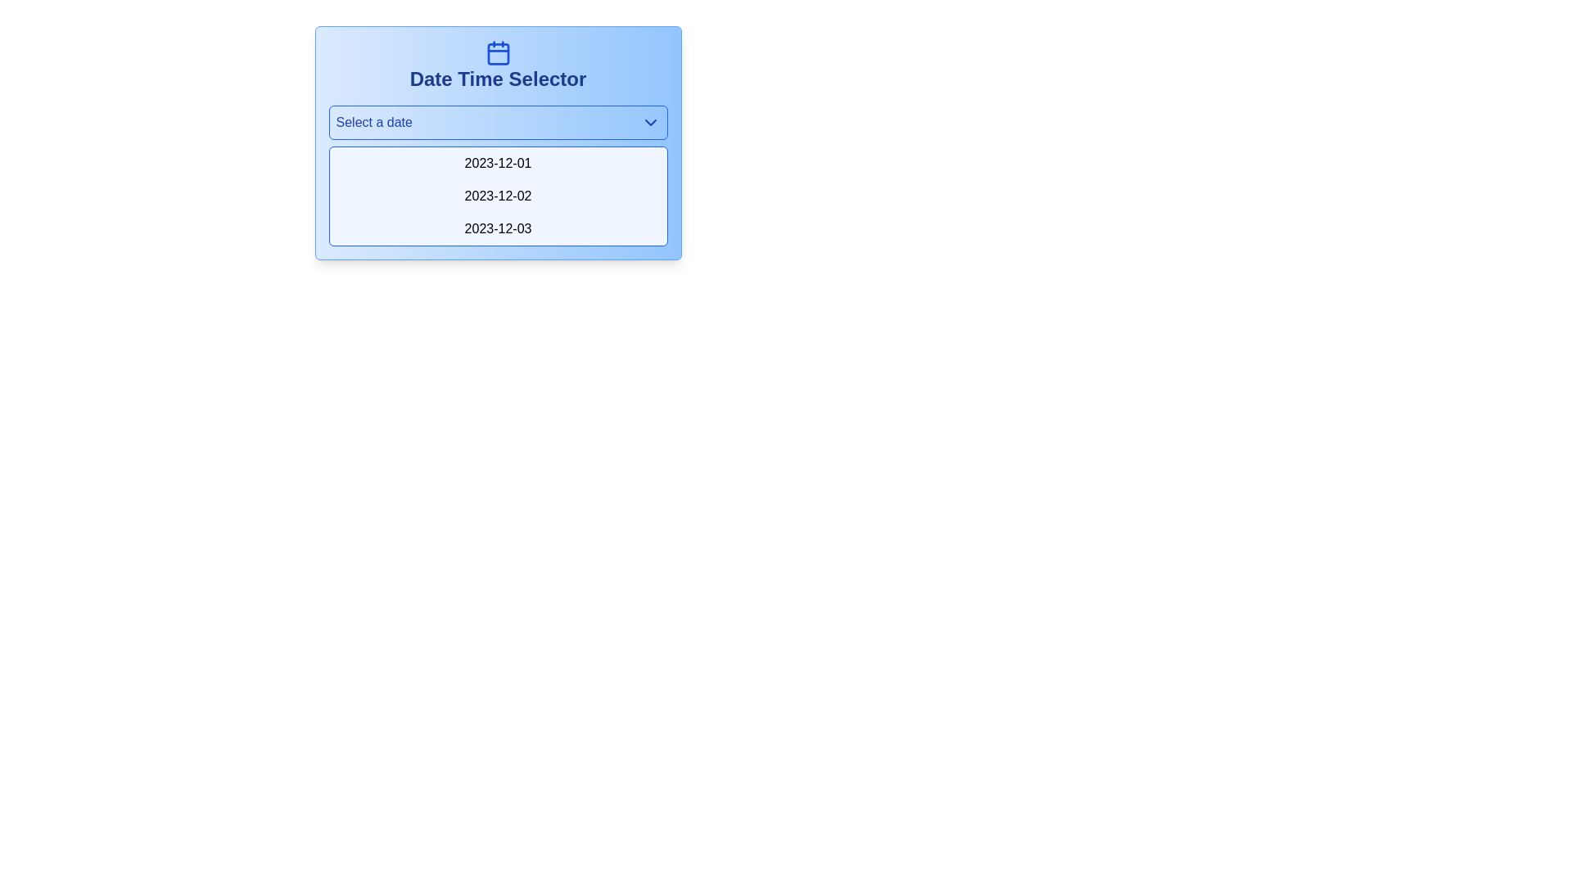 Image resolution: width=1572 pixels, height=884 pixels. Describe the element at coordinates (649, 122) in the screenshot. I see `the chevron icon inside the 'Select a date' button, which indicates dropdown functionality for expanding or collapsing the date picker menu` at that location.